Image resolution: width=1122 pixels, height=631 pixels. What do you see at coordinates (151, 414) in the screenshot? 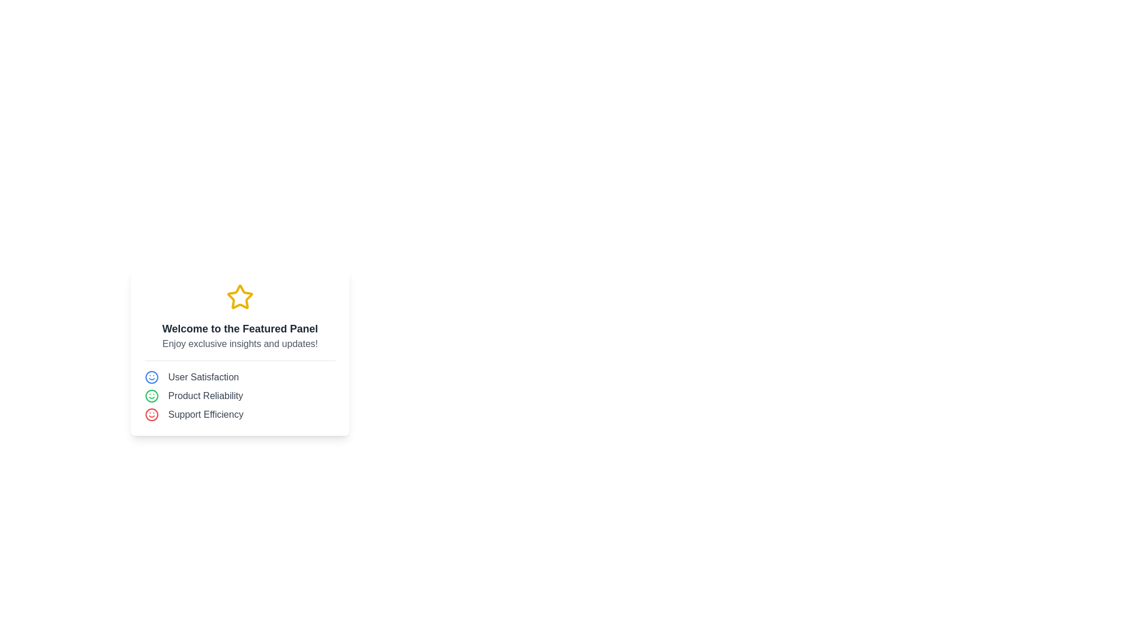
I see `the decorative circular border of the emoticon located in the third row under 'Support Efficiency'` at bounding box center [151, 414].